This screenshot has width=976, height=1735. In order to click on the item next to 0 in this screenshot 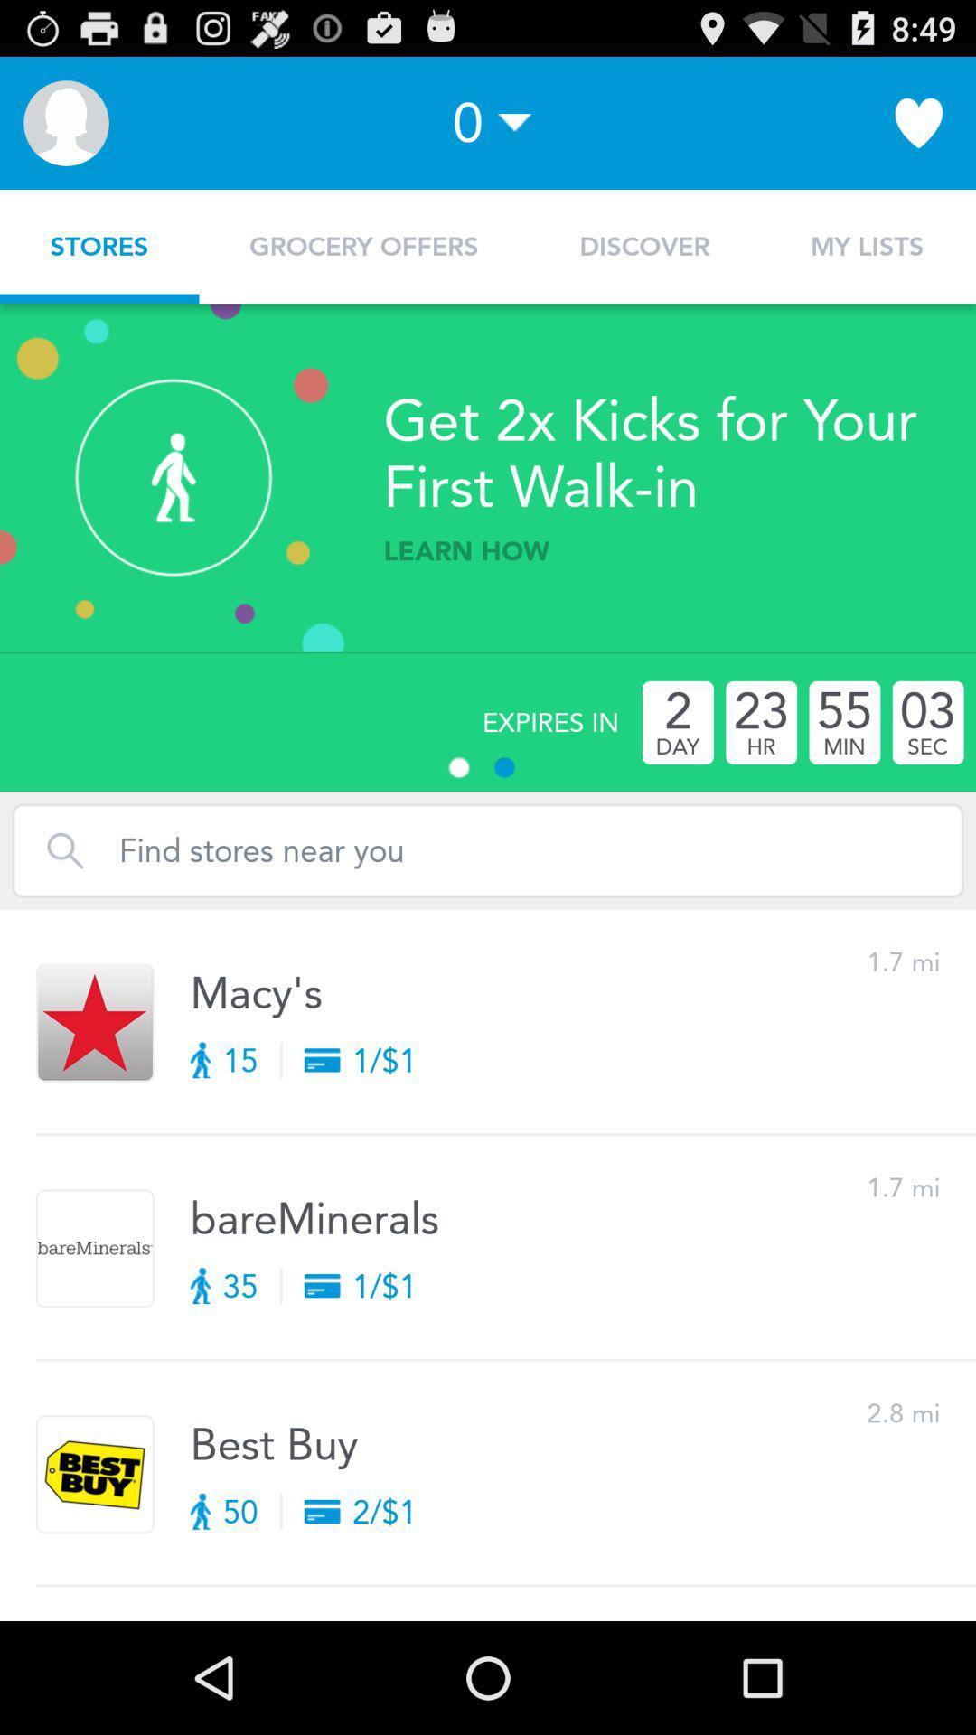, I will do `click(65, 122)`.